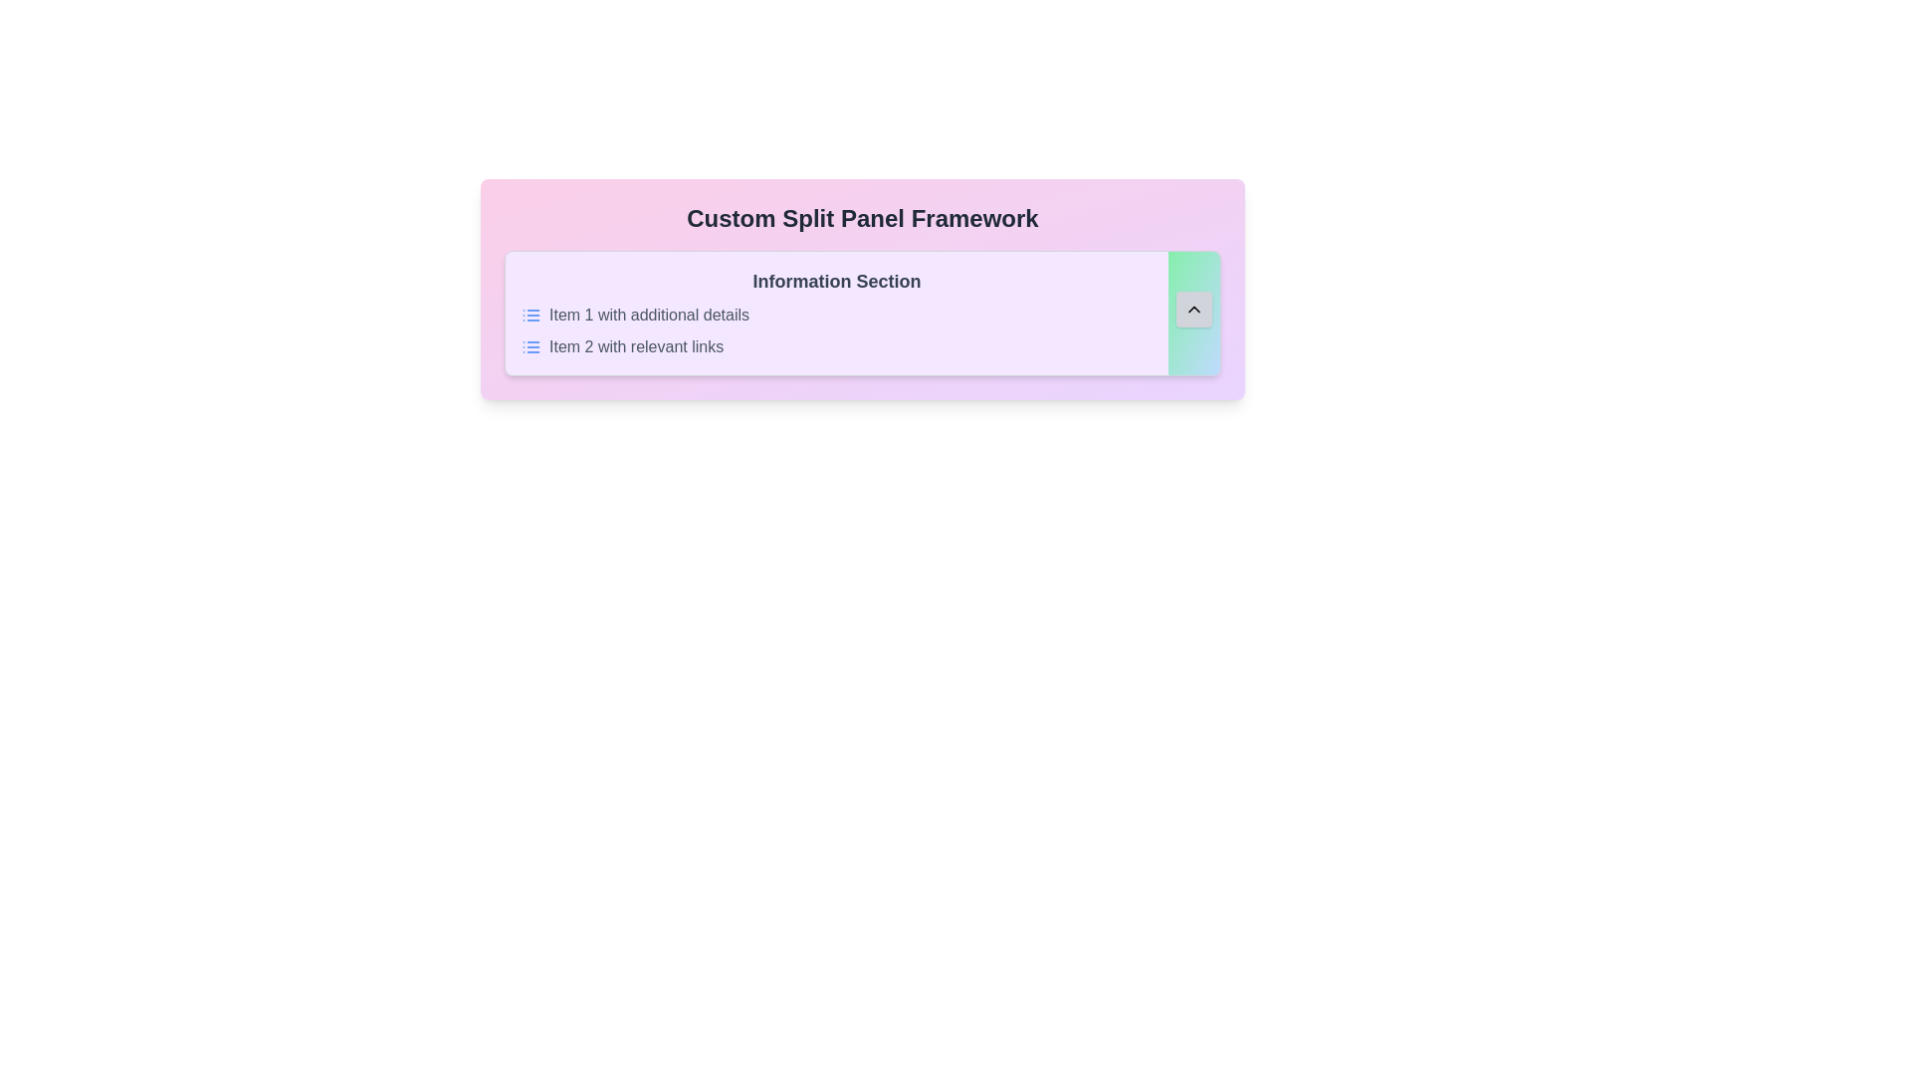  What do you see at coordinates (531, 345) in the screenshot?
I see `the 'list' indicator icon located to the immediate left of the label text for 'Item 2 with relevant links'` at bounding box center [531, 345].